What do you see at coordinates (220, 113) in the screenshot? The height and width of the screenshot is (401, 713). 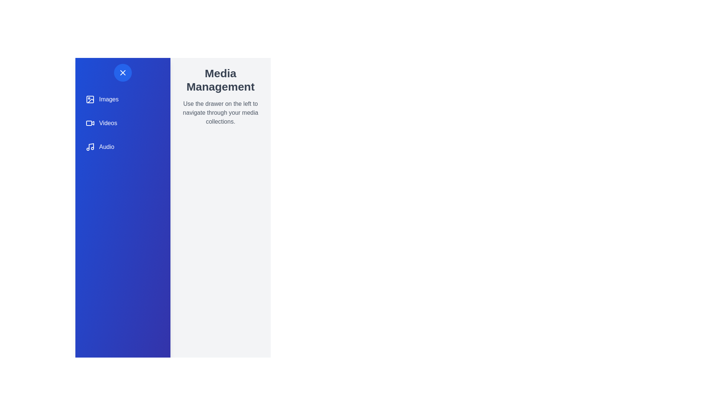 I see `the text displaying the message 'Use the drawer on the left to navigate through your media collections.' which is located below the 'Media Management' heading in the upper side of the main content area` at bounding box center [220, 113].